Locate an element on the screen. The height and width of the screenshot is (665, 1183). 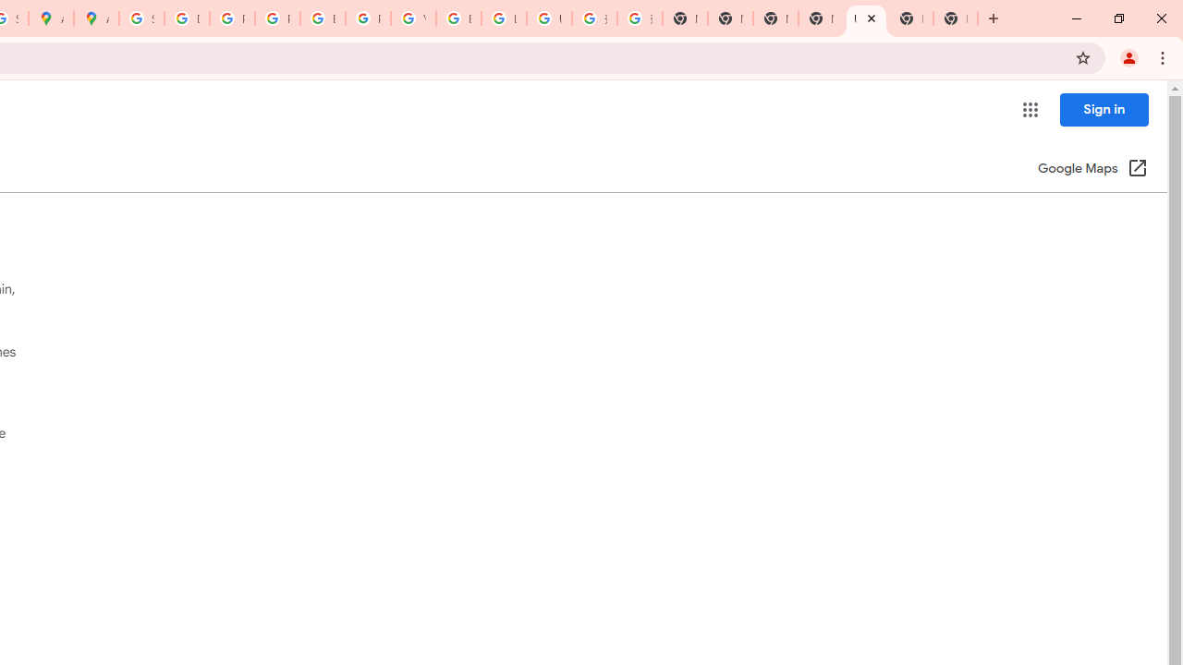
'Privacy Help Center - Policies Help' is located at coordinates (231, 18).